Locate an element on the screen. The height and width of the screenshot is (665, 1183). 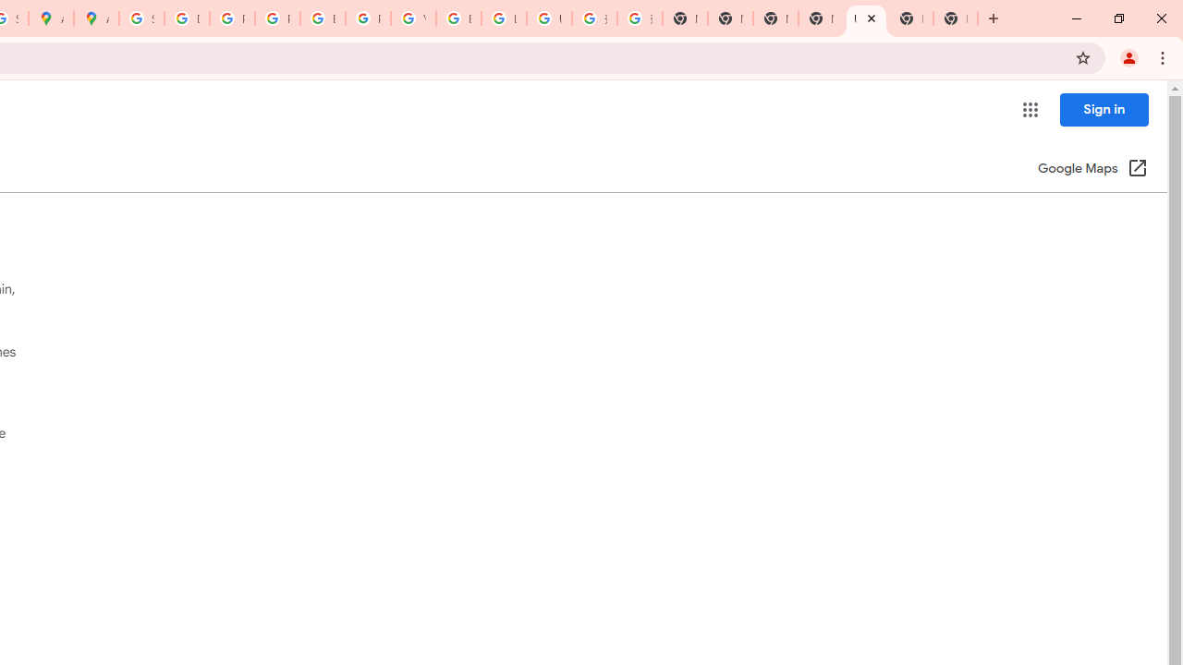
'Privacy Help Center - Policies Help' is located at coordinates (231, 18).